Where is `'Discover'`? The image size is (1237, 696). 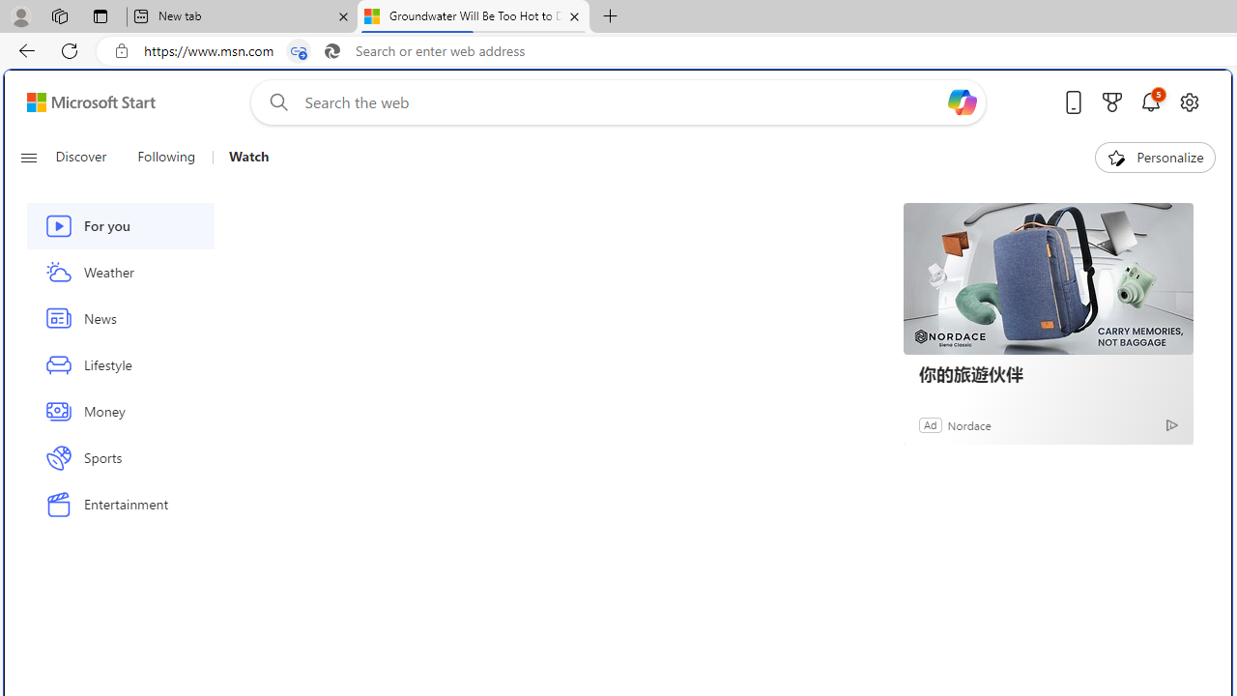
'Discover' is located at coordinates (88, 157).